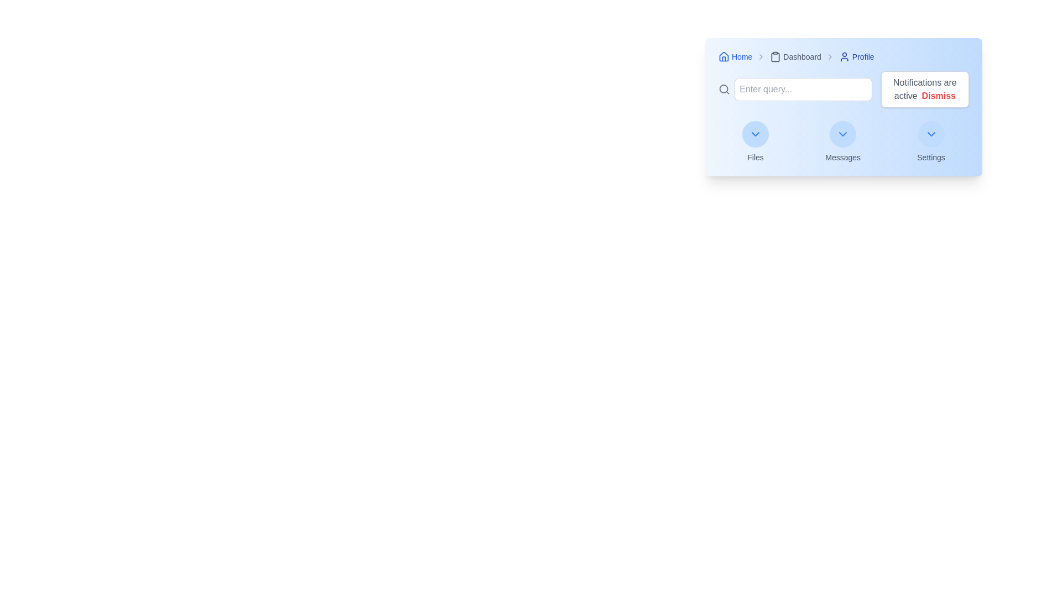 This screenshot has width=1062, height=597. I want to click on the 'Profile' static text label with a user avatar icon, which is the third item in a breadcrumb sequence located in the upper-right section of the UI, so click(856, 57).